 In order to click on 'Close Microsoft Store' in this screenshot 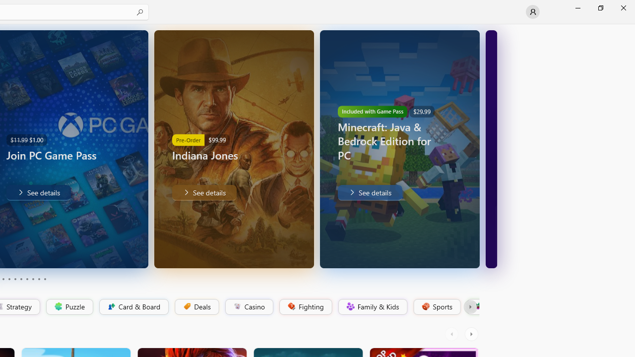, I will do `click(623, 7)`.